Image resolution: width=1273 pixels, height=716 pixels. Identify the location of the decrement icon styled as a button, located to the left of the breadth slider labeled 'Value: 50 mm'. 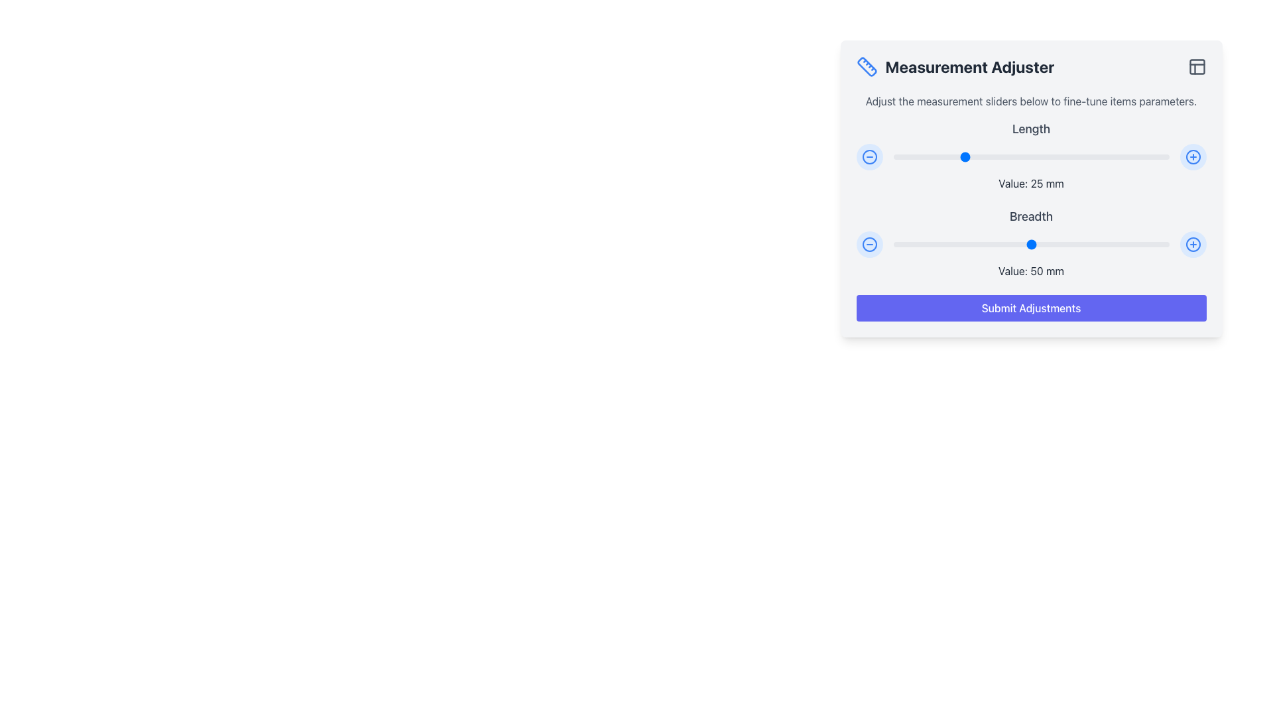
(869, 245).